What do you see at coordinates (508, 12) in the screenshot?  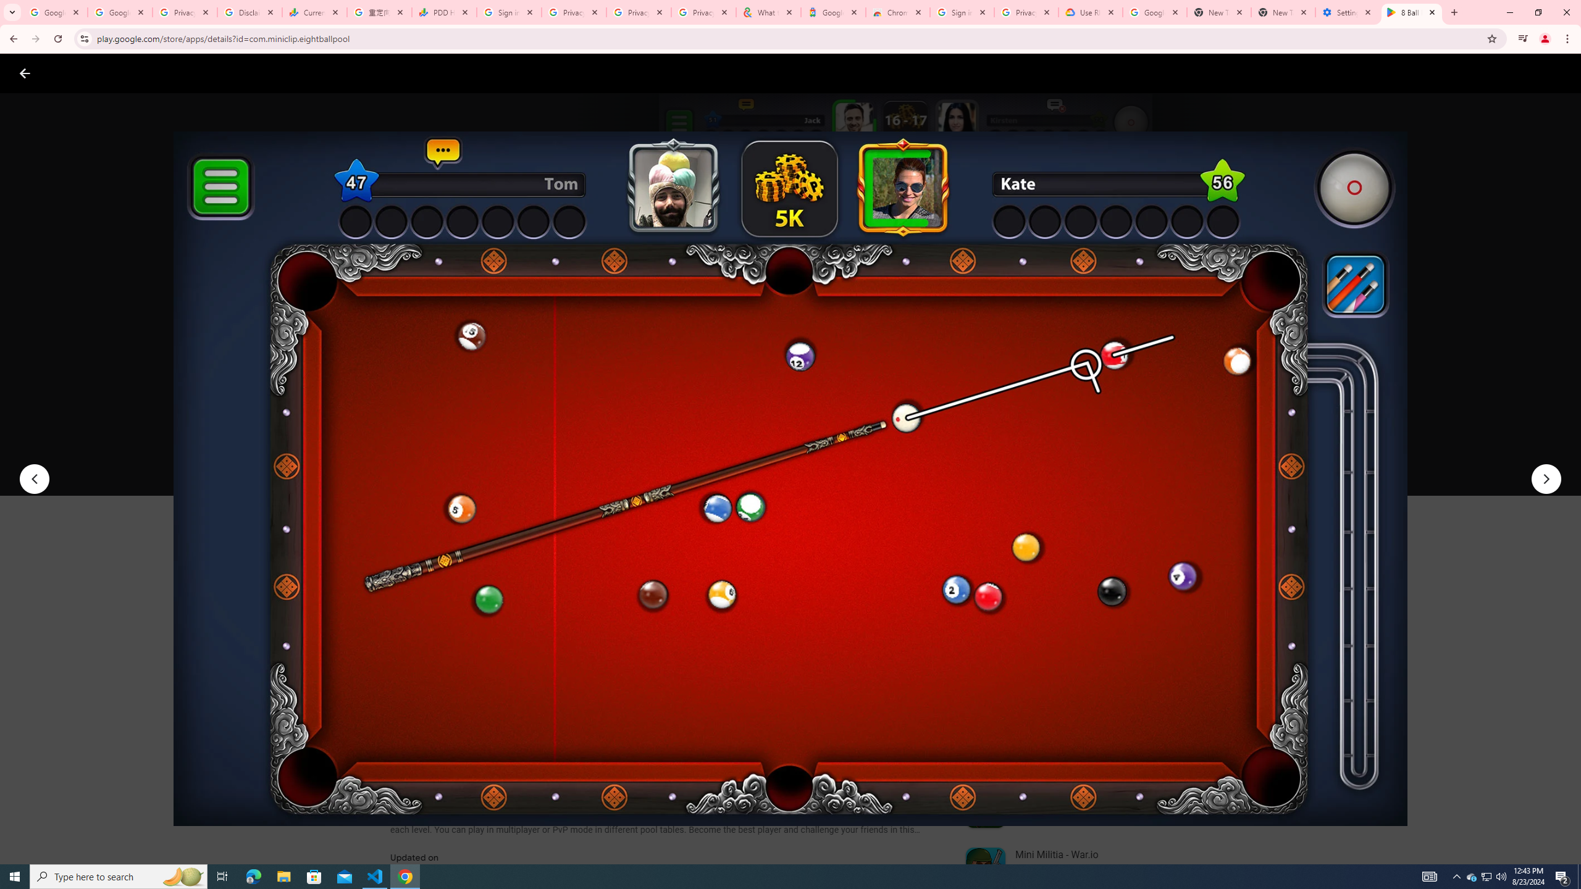 I see `'Sign in - Google Accounts'` at bounding box center [508, 12].